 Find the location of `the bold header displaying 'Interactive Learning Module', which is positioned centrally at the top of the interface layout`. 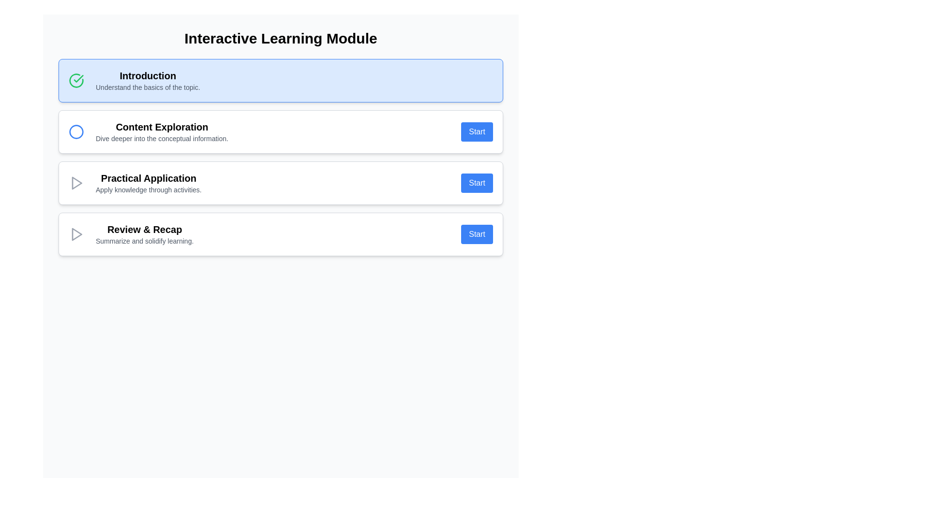

the bold header displaying 'Interactive Learning Module', which is positioned centrally at the top of the interface layout is located at coordinates (280, 38).